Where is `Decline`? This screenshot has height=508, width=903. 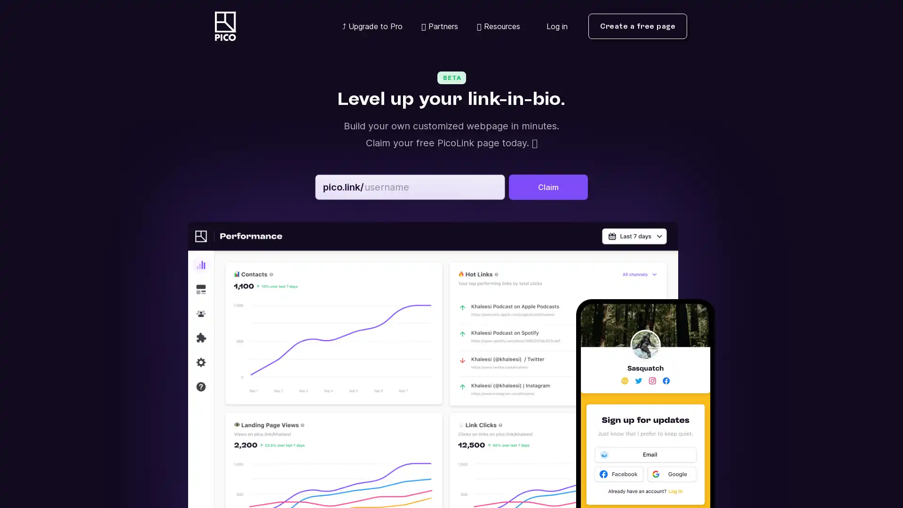 Decline is located at coordinates (715, 464).